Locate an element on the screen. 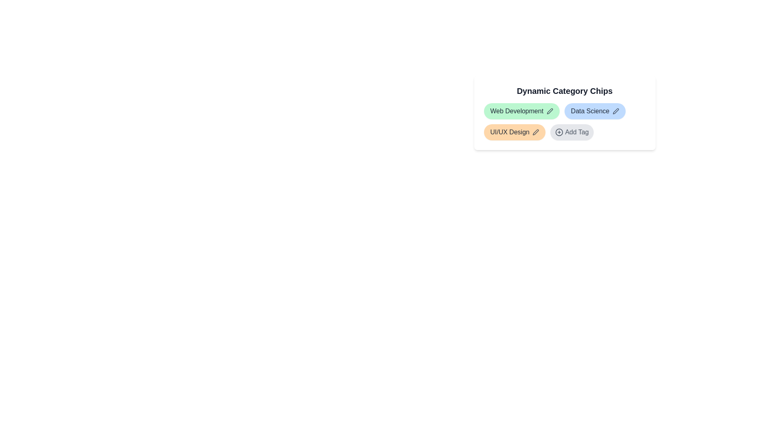 This screenshot has width=777, height=437. the chip labeled Data Science is located at coordinates (594, 111).